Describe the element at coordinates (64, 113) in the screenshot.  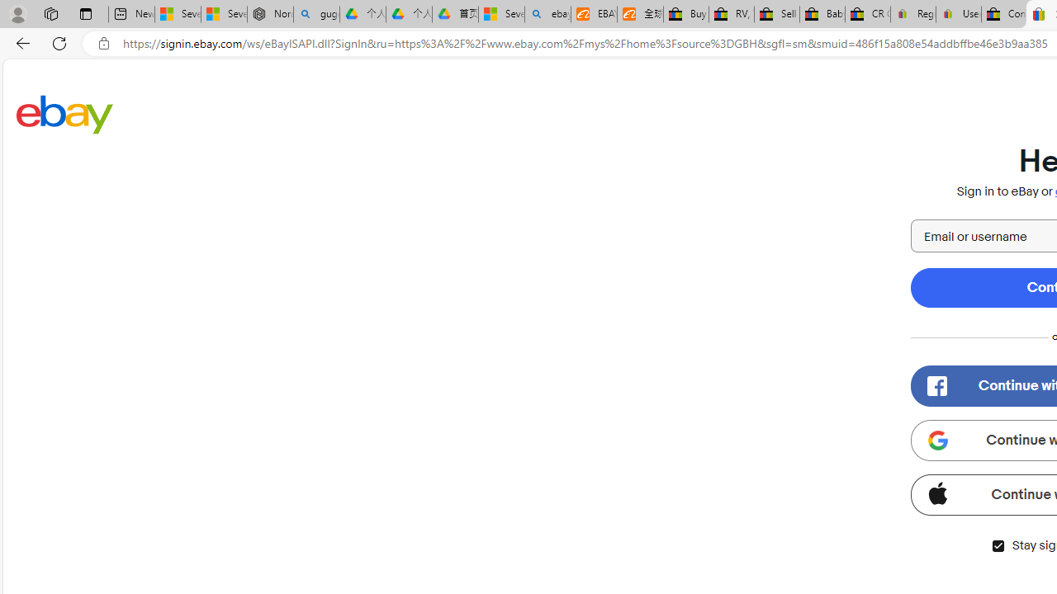
I see `'eBay Home'` at that location.